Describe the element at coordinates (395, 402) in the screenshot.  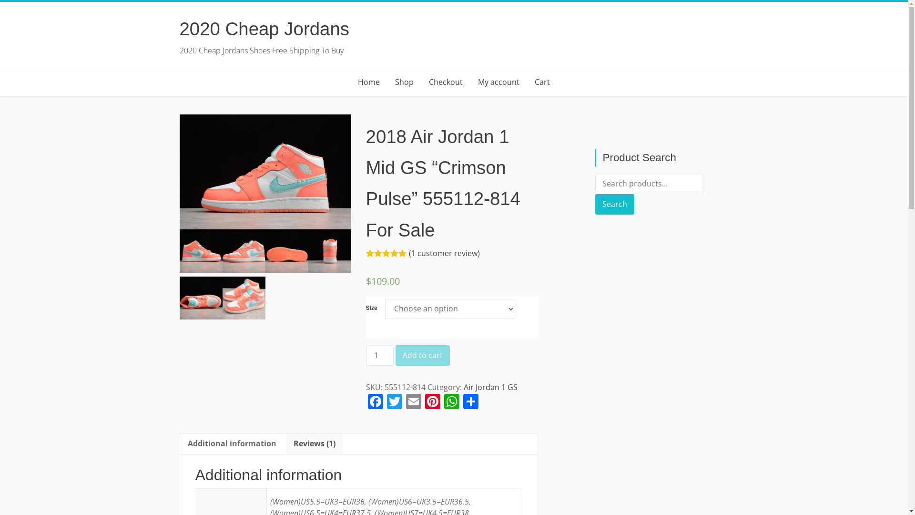
I see `'Twitter'` at that location.